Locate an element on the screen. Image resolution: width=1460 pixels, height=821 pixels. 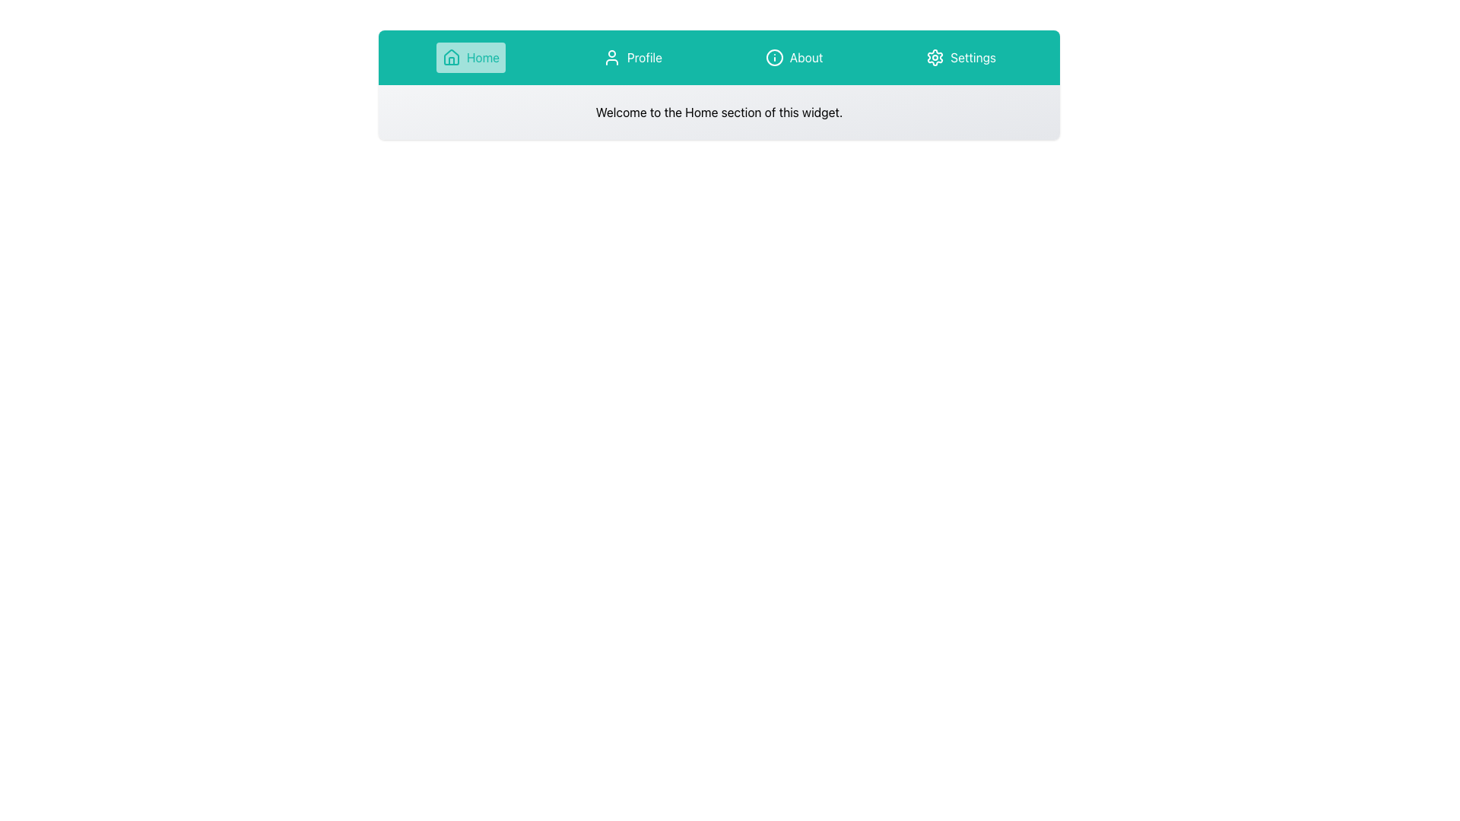
one of the navigation items in the Navigation bar located at the top of the interface is located at coordinates (718, 57).